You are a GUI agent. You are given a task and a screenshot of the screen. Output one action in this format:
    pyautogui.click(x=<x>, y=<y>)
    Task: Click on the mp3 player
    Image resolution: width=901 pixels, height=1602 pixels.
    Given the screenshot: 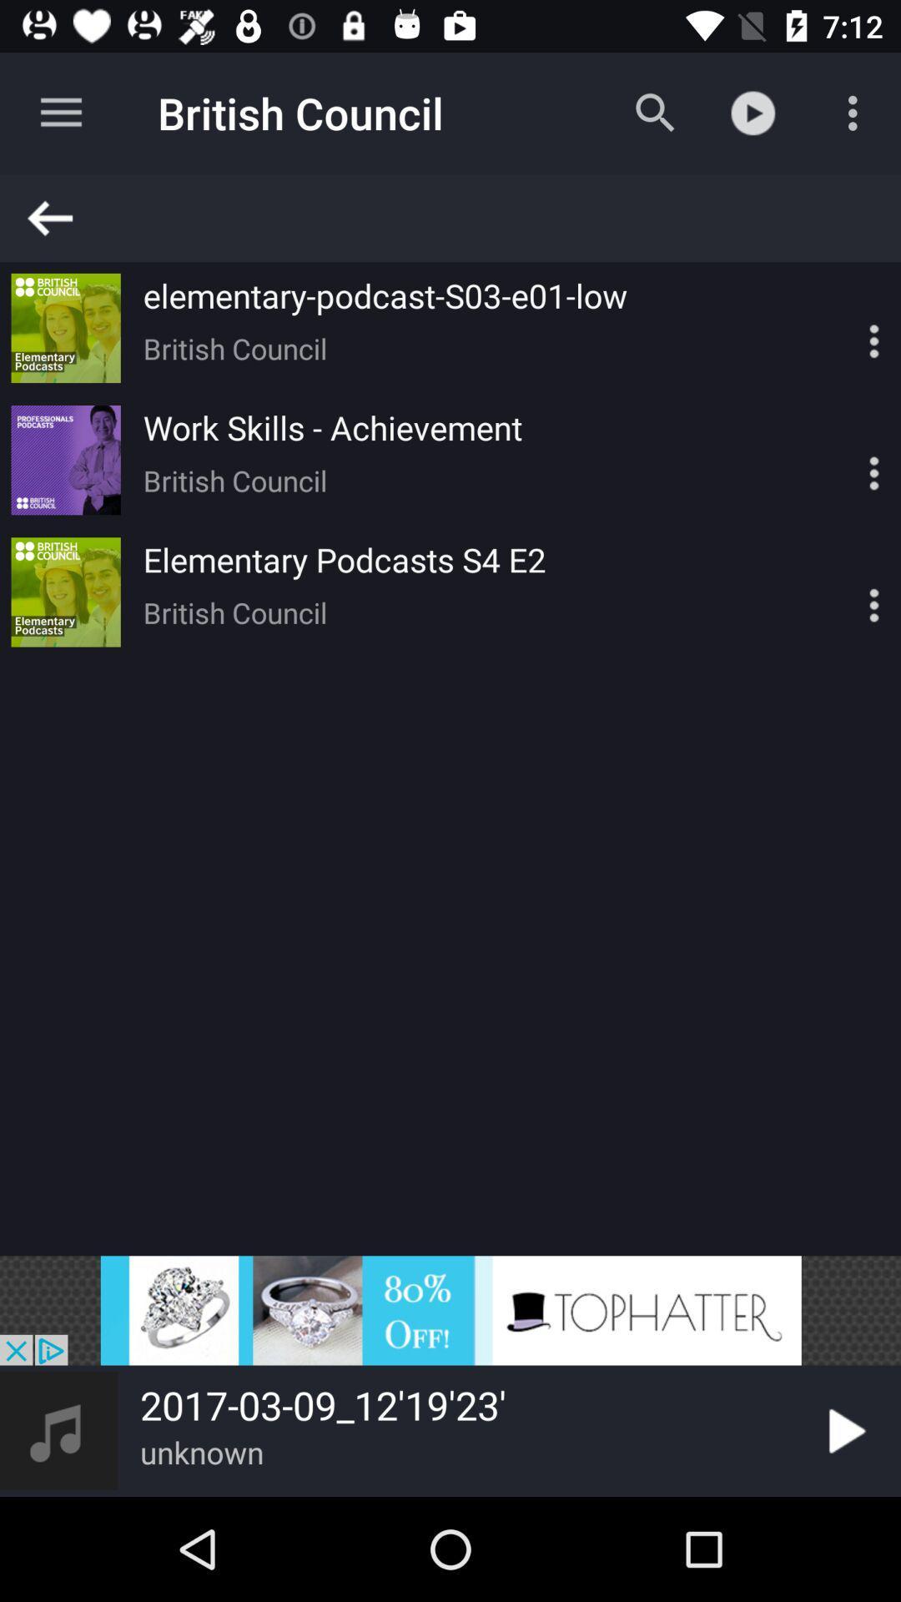 What is the action you would take?
    pyautogui.click(x=845, y=328)
    